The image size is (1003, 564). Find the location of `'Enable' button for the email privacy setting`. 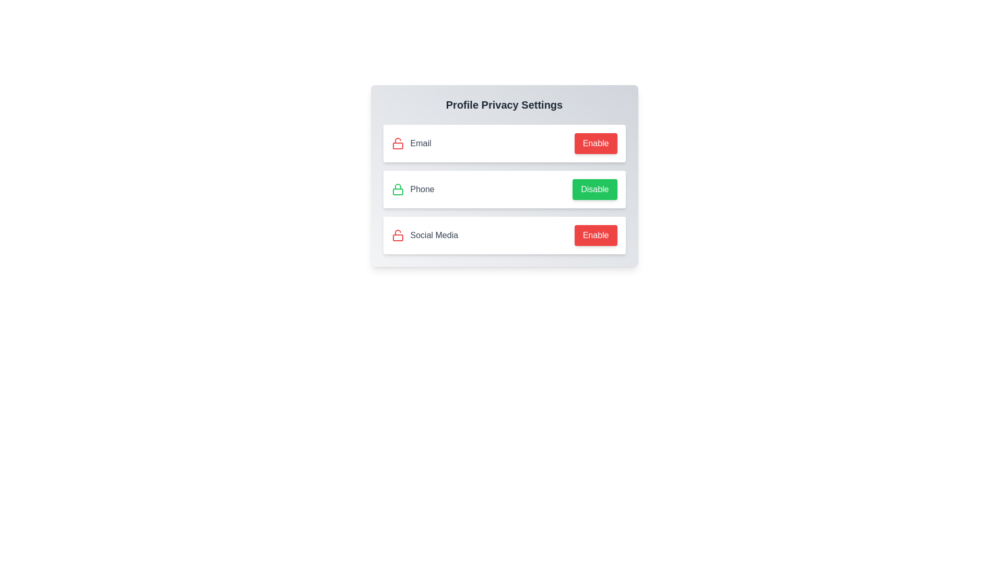

'Enable' button for the email privacy setting is located at coordinates (596, 143).